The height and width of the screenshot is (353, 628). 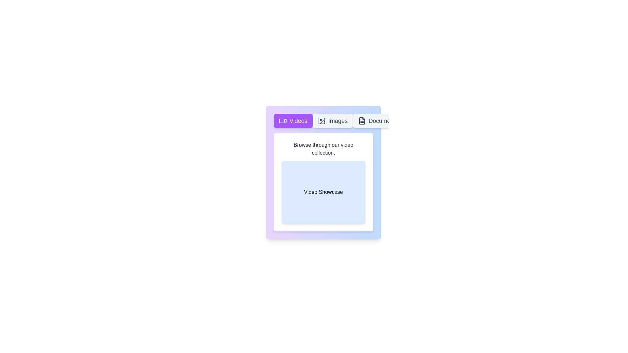 I want to click on the icon representing an image within the rounded box located in the 'Images' button on the navigation bar, so click(x=322, y=121).